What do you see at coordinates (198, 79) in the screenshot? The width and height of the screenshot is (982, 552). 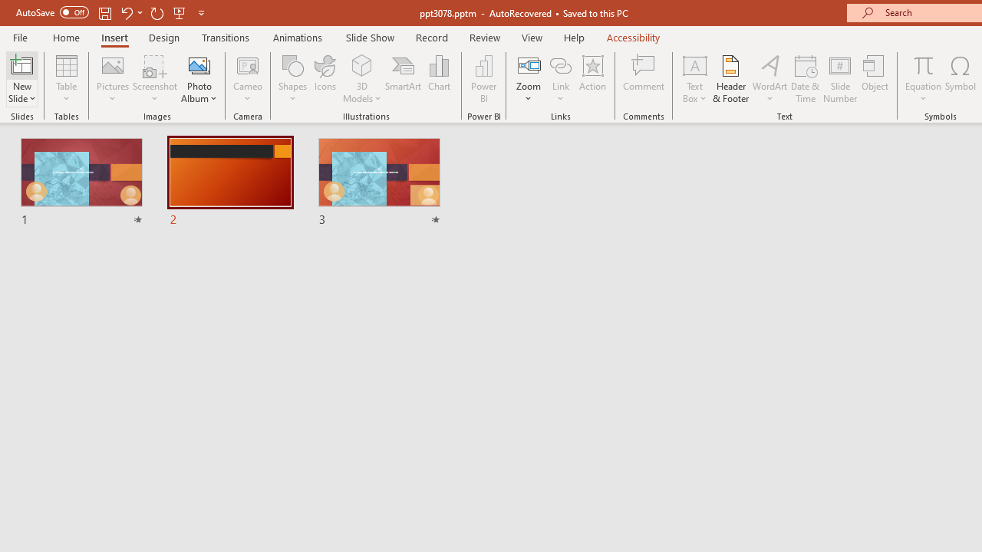 I see `'Photo Album...'` at bounding box center [198, 79].